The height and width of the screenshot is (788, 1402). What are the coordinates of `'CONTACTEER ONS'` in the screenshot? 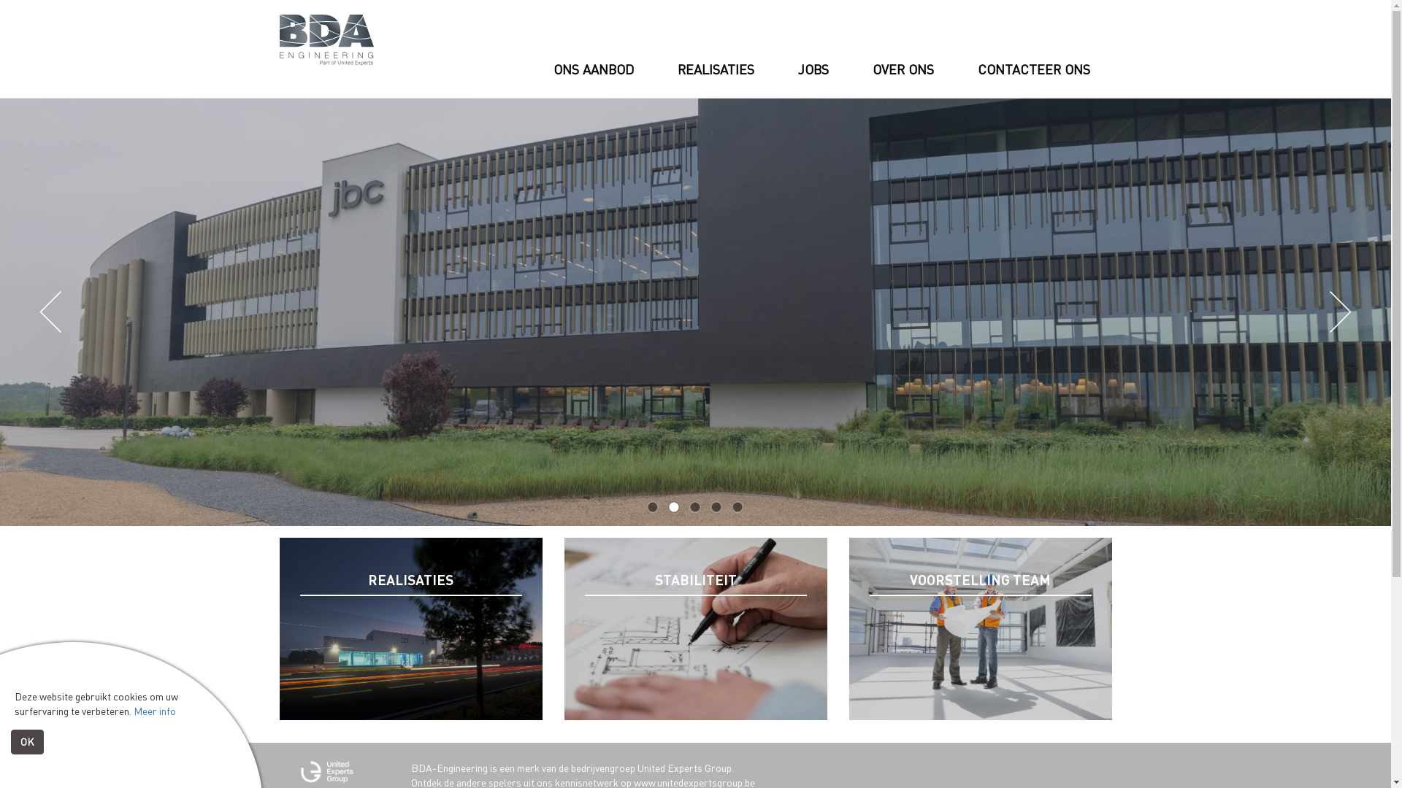 It's located at (1033, 93).